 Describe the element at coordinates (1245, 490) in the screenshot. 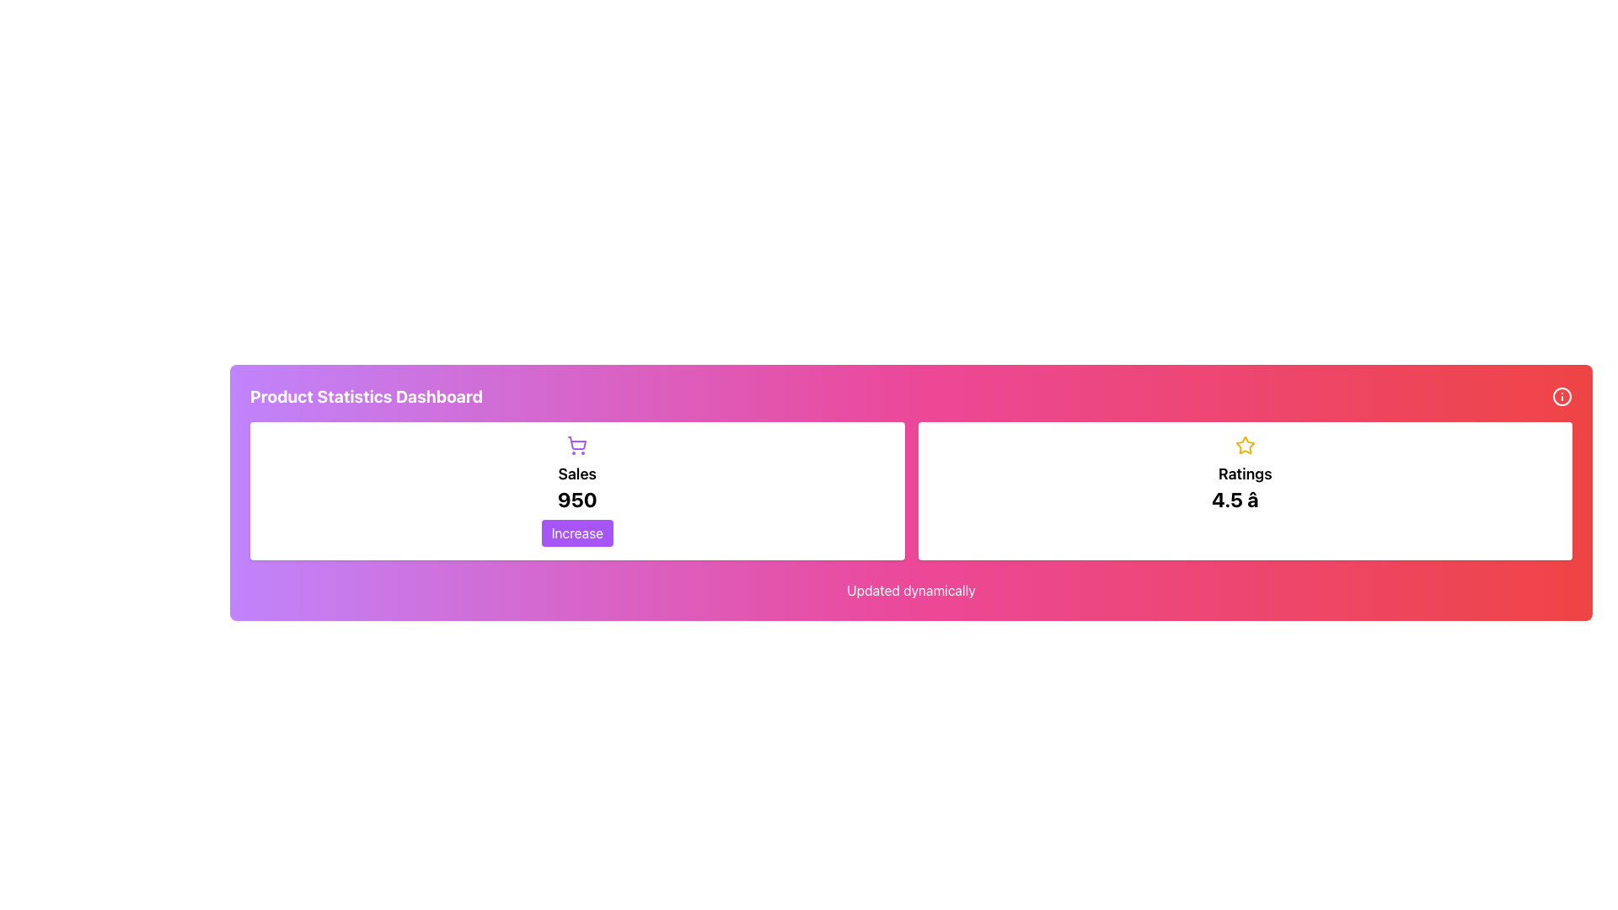

I see `the Display Element that shows a yellow star icon, the label 'Ratings', and a bold text '4.5', located in the bottom right section of the layout` at that location.